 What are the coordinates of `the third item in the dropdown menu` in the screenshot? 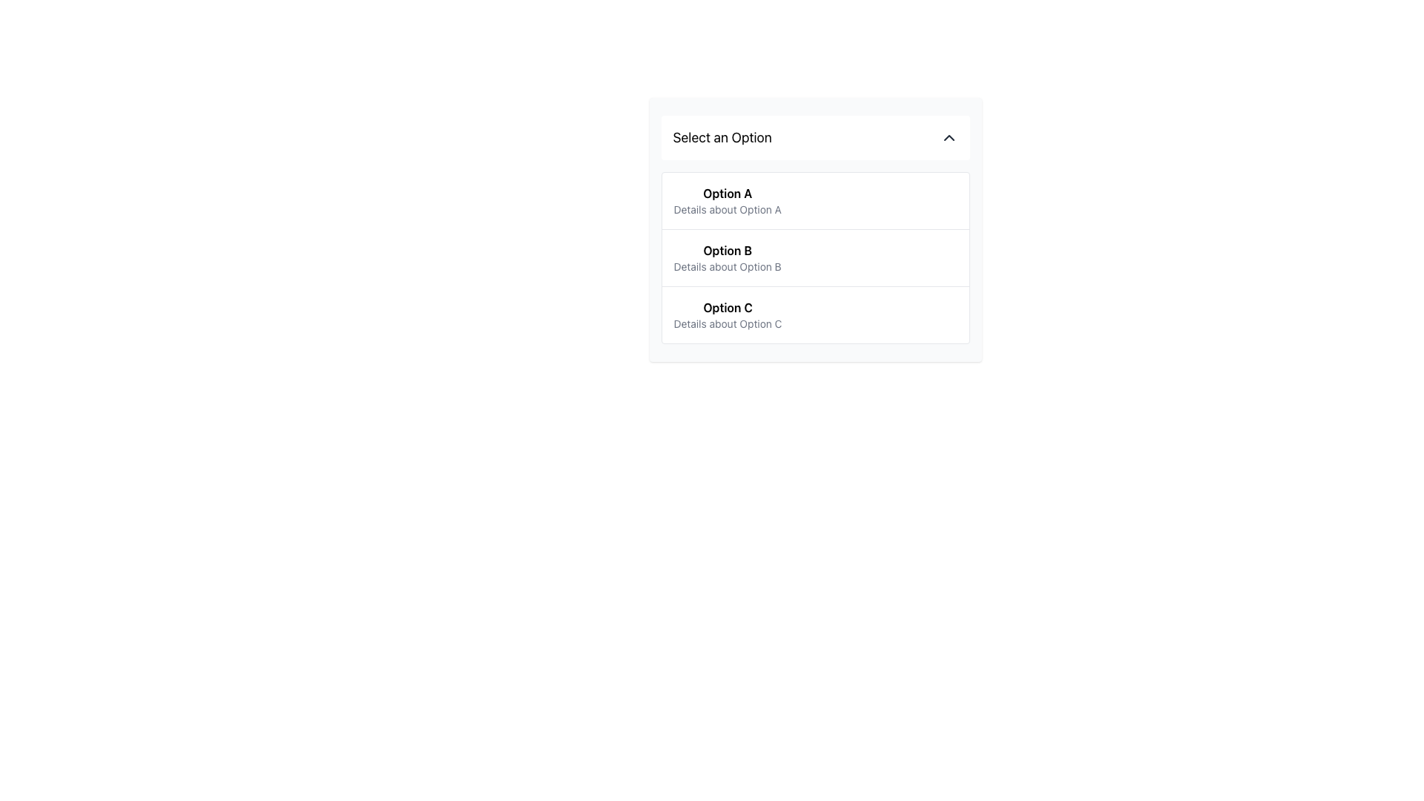 It's located at (728, 314).